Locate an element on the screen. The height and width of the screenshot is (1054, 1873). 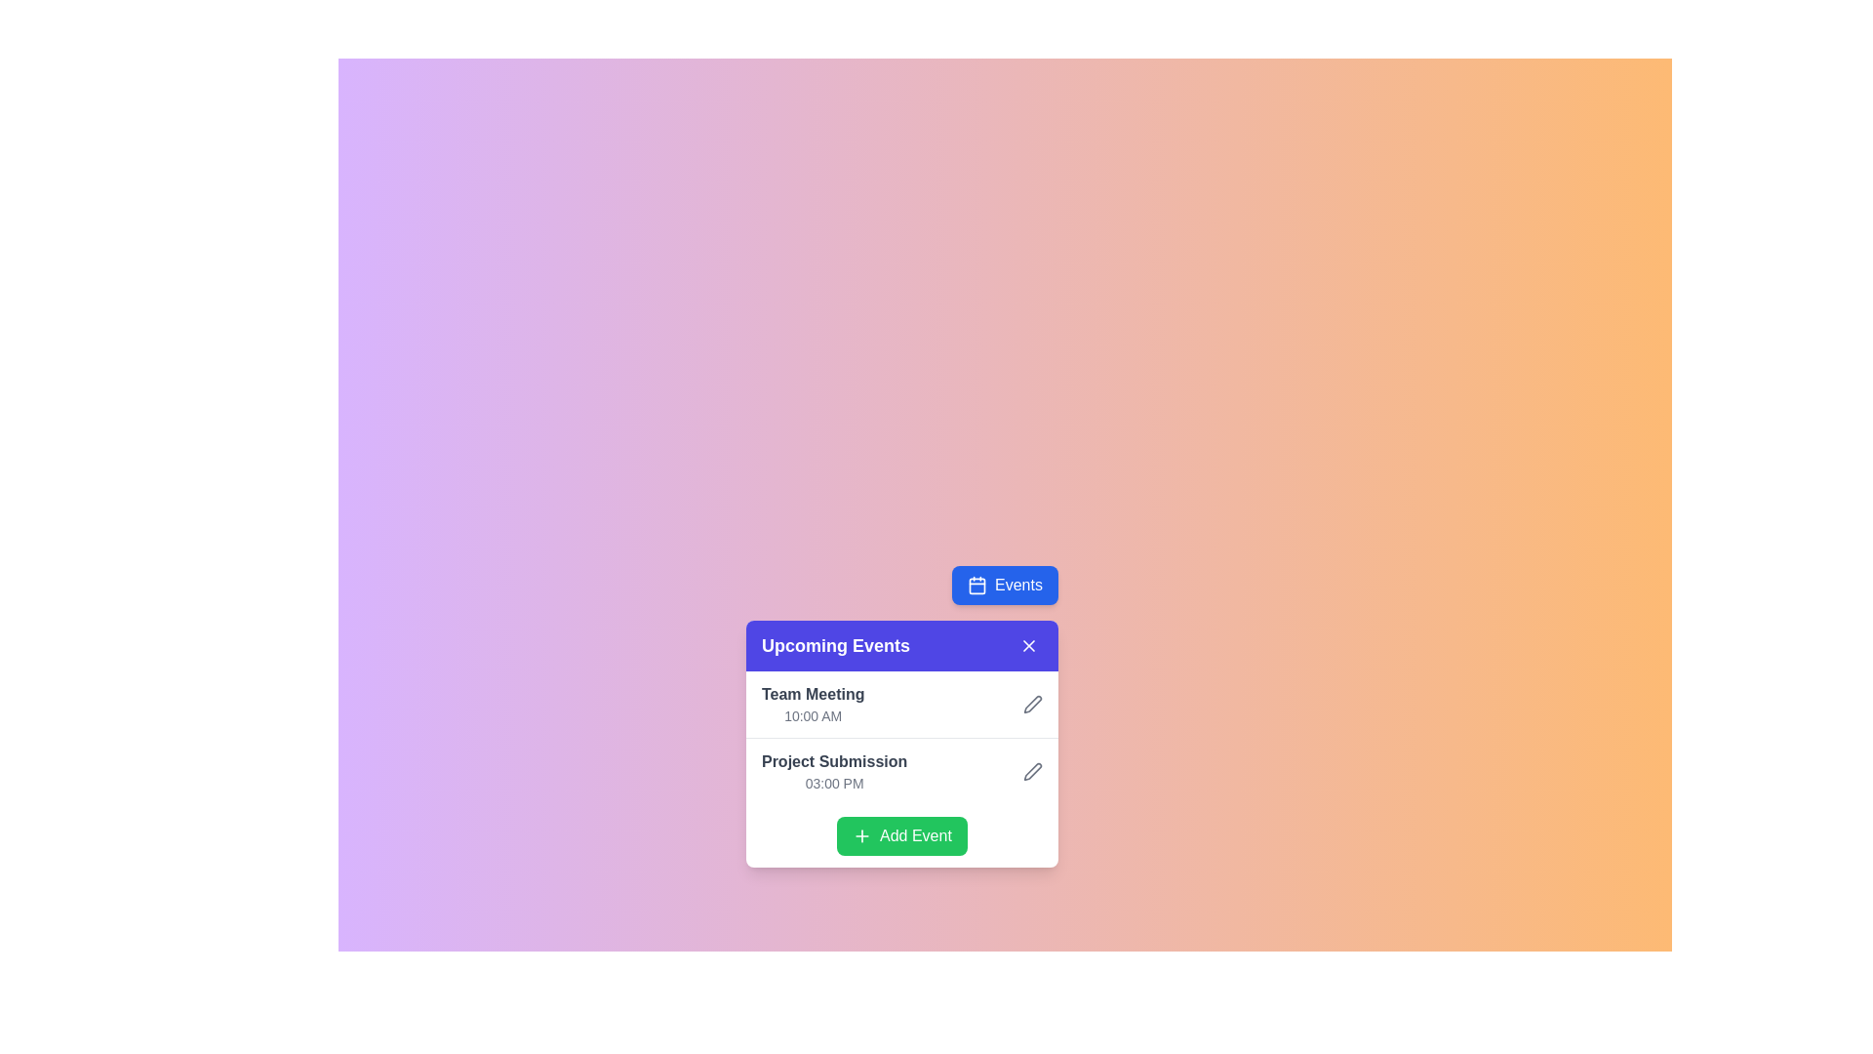
the button that triggers actions related to events, located above the 'Upcoming Events' header and near the center horizontally is located at coordinates (1005, 585).